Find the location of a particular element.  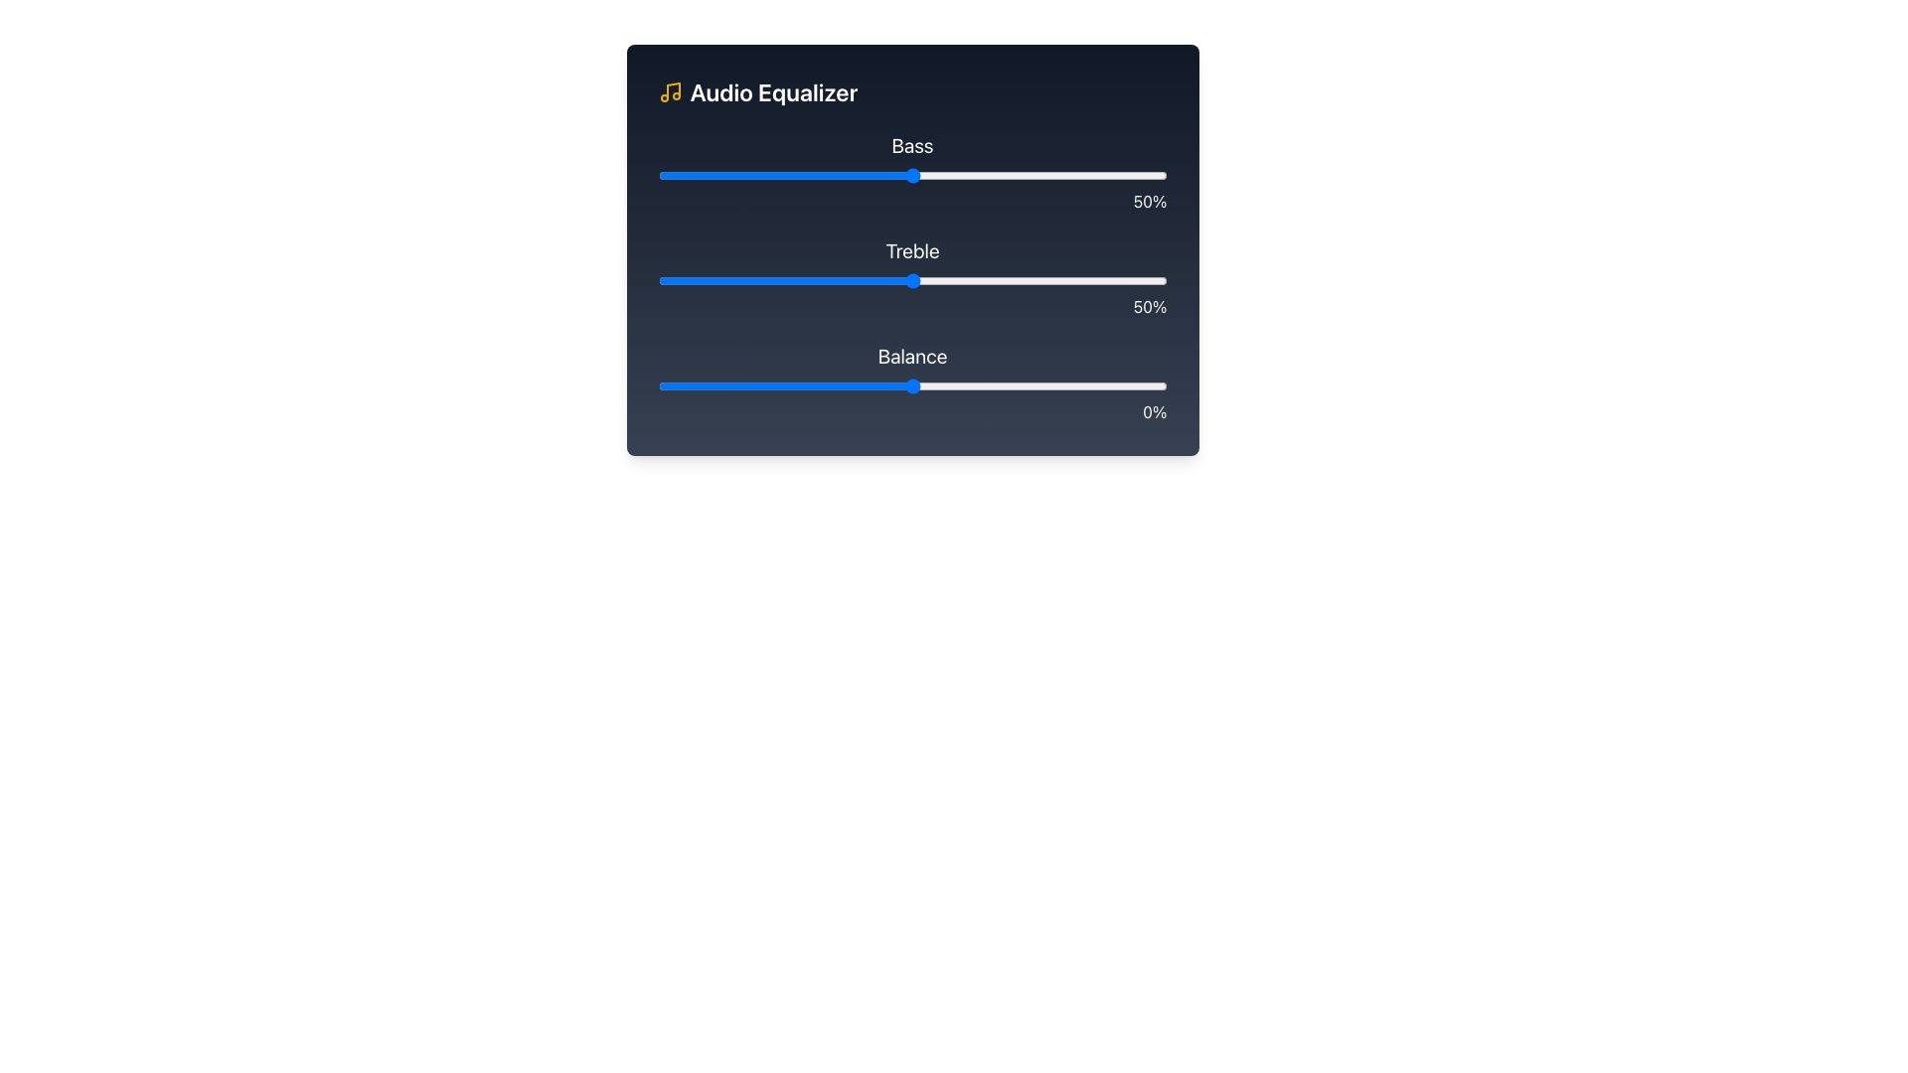

the Text Label displaying '50%' which is aligned to the right below the Bass slider is located at coordinates (911, 202).